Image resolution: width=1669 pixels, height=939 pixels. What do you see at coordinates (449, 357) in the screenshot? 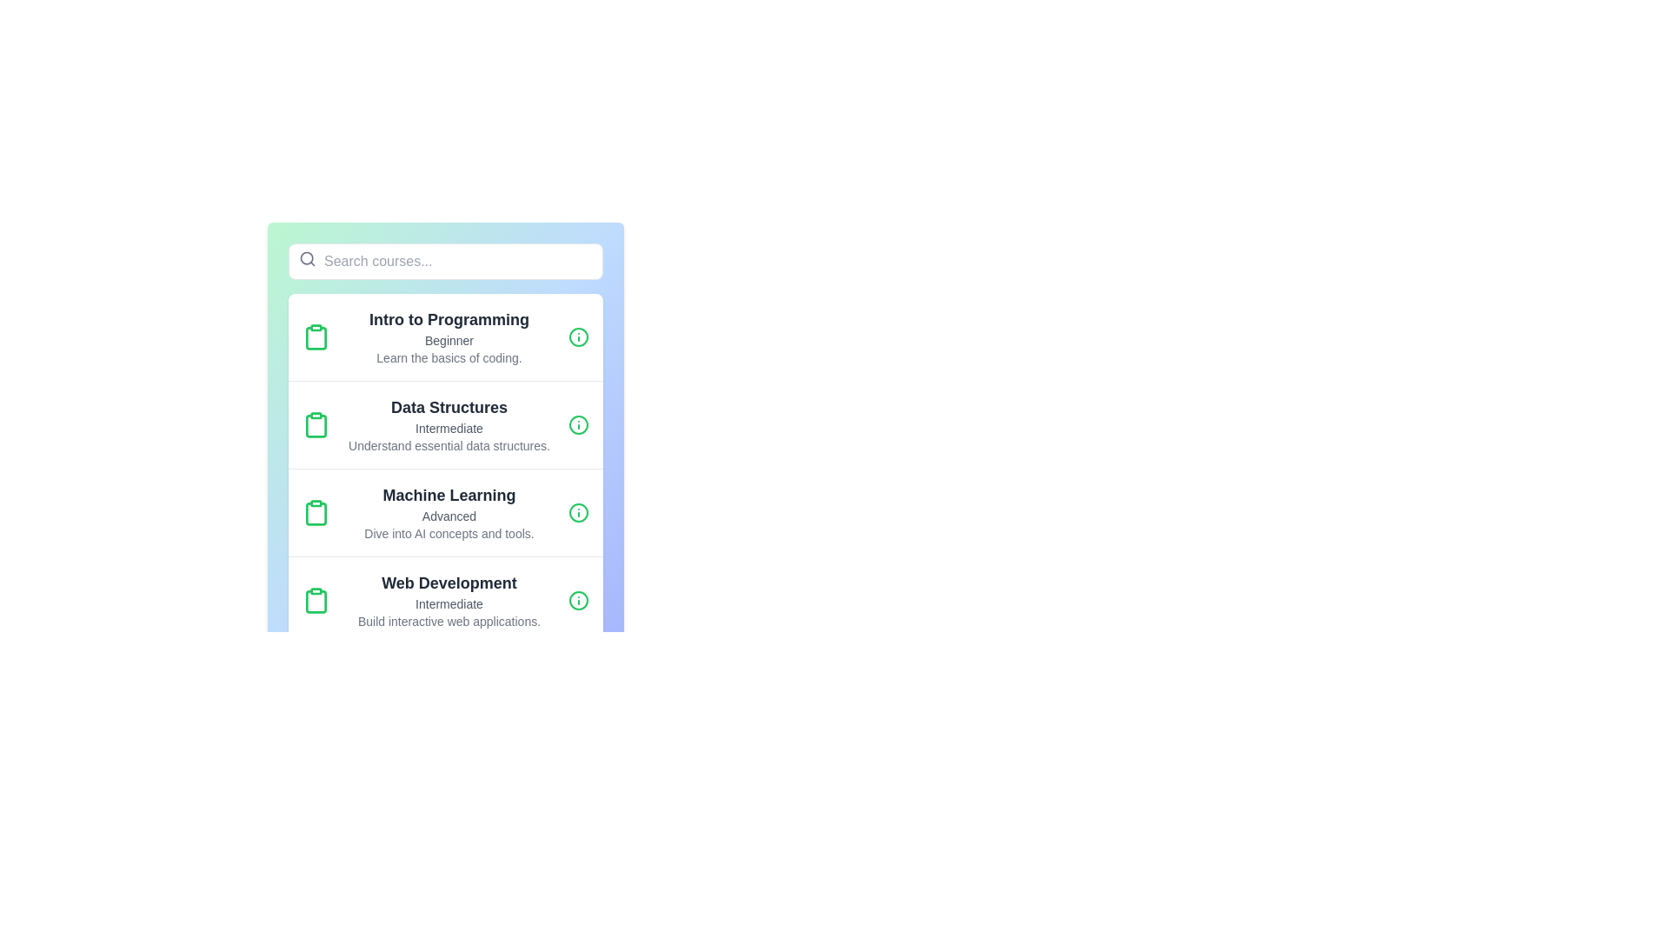
I see `the text label that provides additional information about the course 'Intro to Programming', located below the 'Beginner' text and aligned with the content block` at bounding box center [449, 357].